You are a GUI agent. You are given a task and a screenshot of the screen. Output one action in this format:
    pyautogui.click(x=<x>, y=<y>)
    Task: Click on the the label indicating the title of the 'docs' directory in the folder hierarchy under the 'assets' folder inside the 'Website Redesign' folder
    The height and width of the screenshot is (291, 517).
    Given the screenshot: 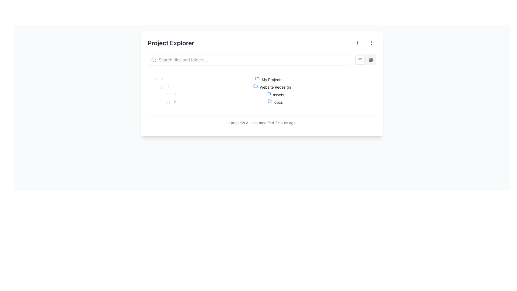 What is the action you would take?
    pyautogui.click(x=278, y=102)
    